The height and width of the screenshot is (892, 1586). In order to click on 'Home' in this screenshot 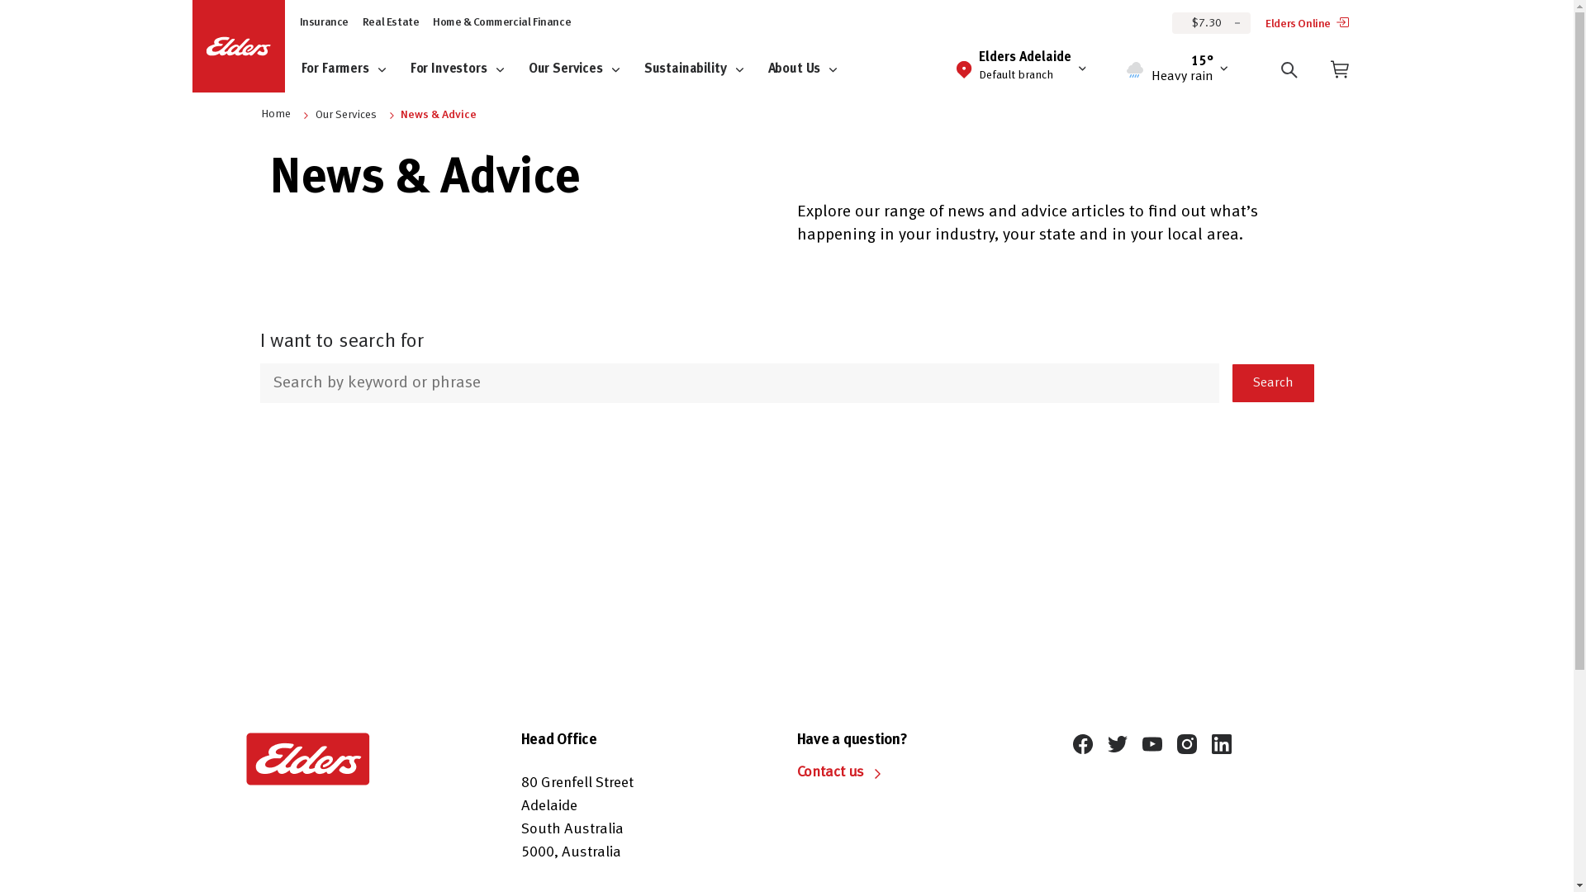, I will do `click(258, 113)`.